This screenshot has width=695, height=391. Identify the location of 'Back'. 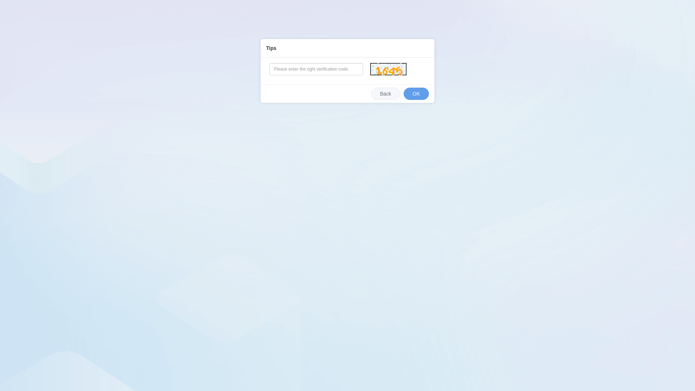
(385, 93).